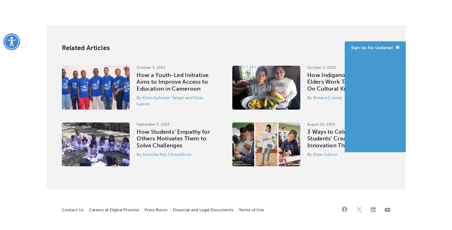 The width and height of the screenshot is (452, 230). Describe the element at coordinates (351, 47) in the screenshot. I see `'Sign Up For Updates!'` at that location.